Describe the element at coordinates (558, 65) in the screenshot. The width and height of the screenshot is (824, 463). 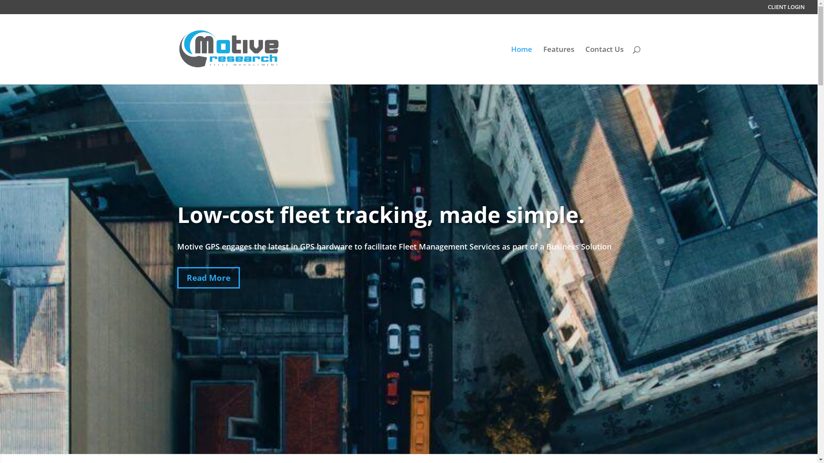
I see `'Features'` at that location.